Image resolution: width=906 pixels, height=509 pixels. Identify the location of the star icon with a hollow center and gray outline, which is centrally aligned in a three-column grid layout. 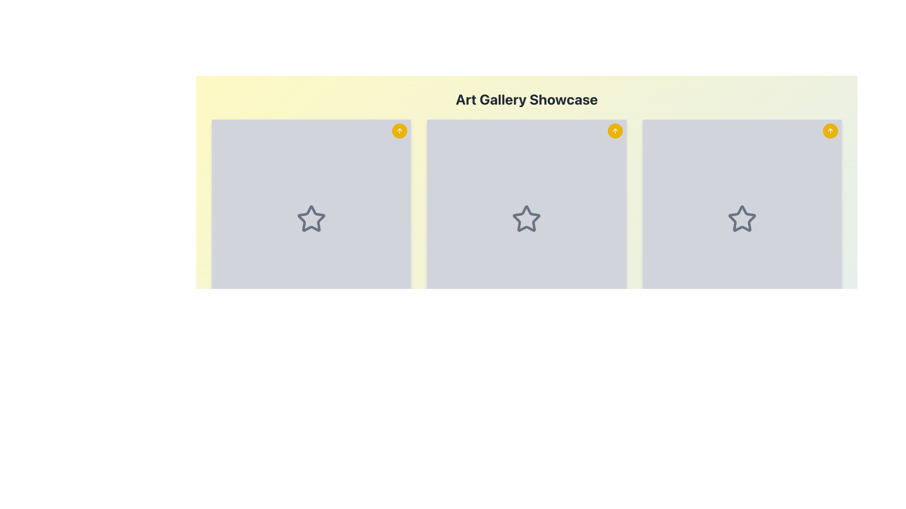
(526, 219).